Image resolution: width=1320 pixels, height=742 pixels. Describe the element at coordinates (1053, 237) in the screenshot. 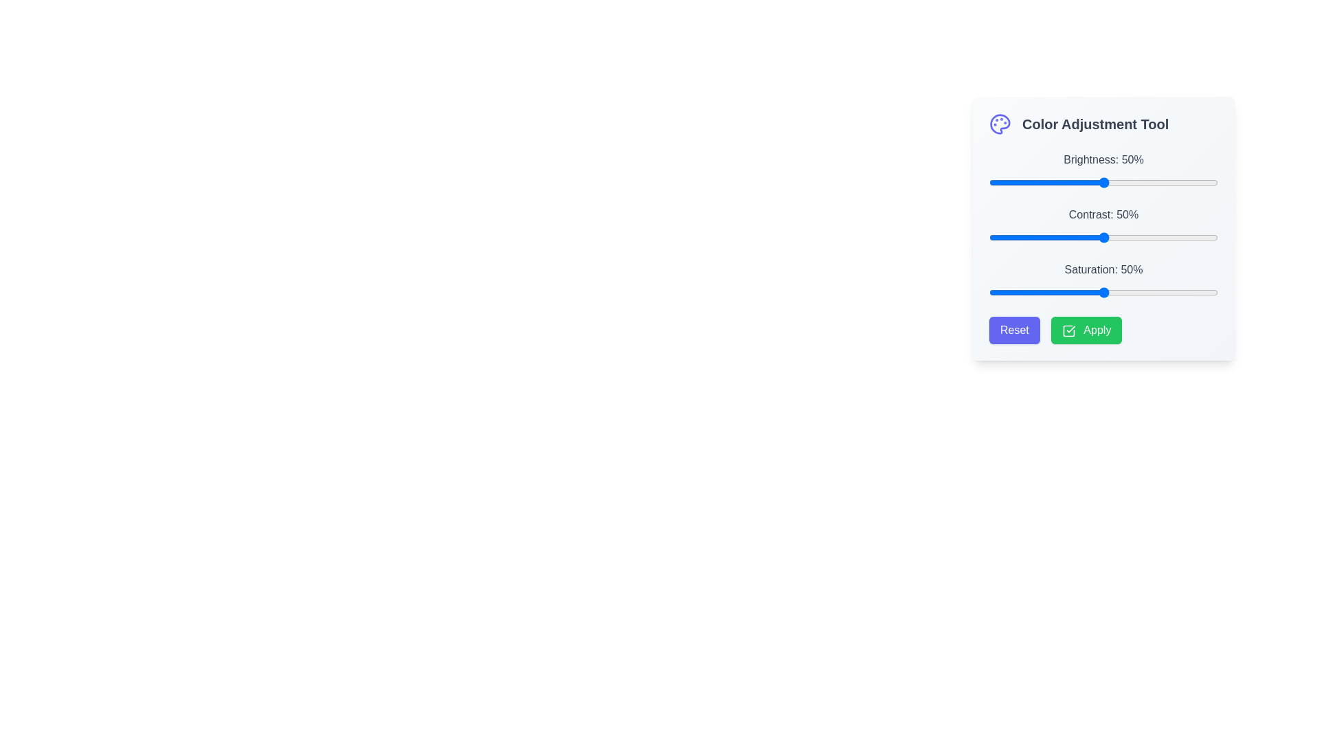

I see `contrast of the image` at that location.